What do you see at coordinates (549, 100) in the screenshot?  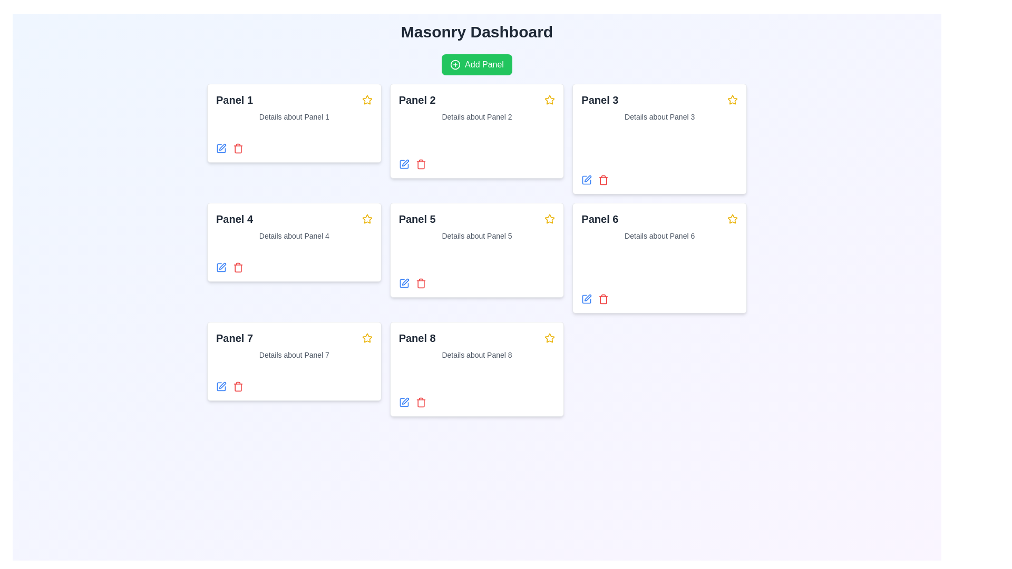 I see `the star icon located at the top-right corner of the card labeled 'Panel 6'` at bounding box center [549, 100].